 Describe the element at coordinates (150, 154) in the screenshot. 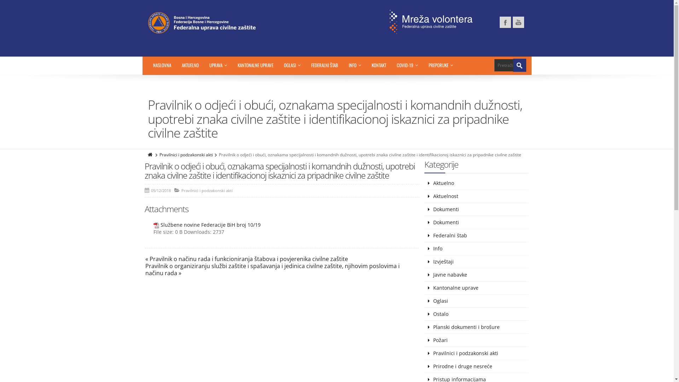

I see `'Home'` at that location.